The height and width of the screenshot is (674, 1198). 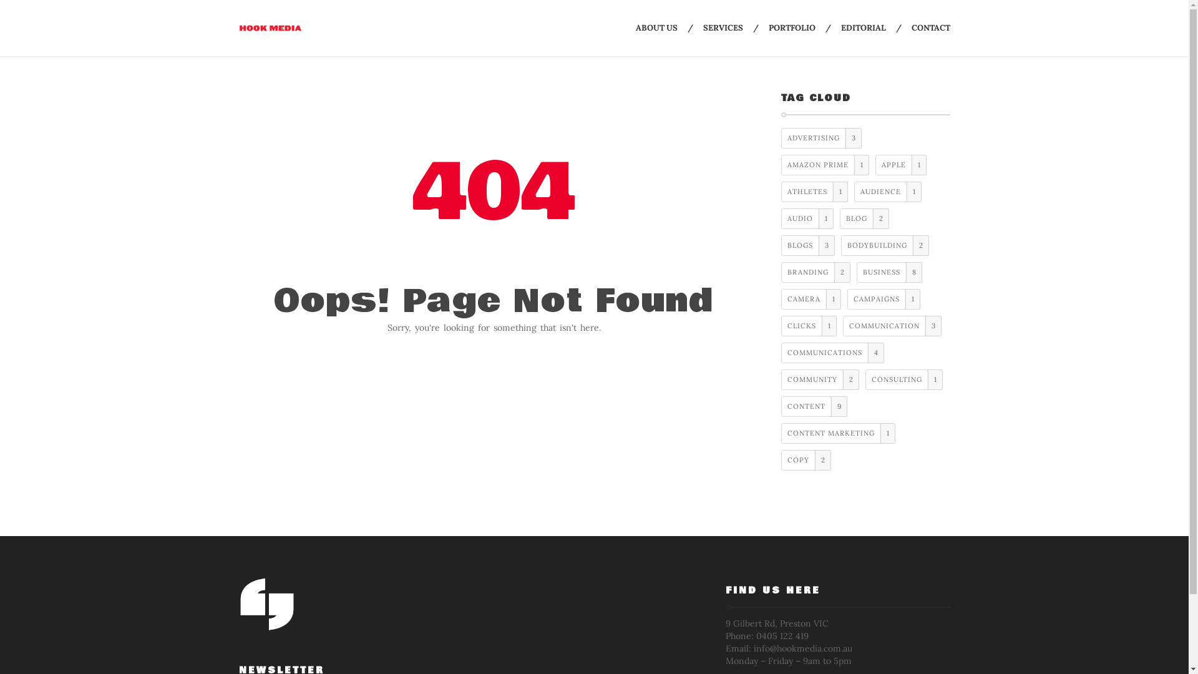 I want to click on 'CONTENT9', so click(x=814, y=406).